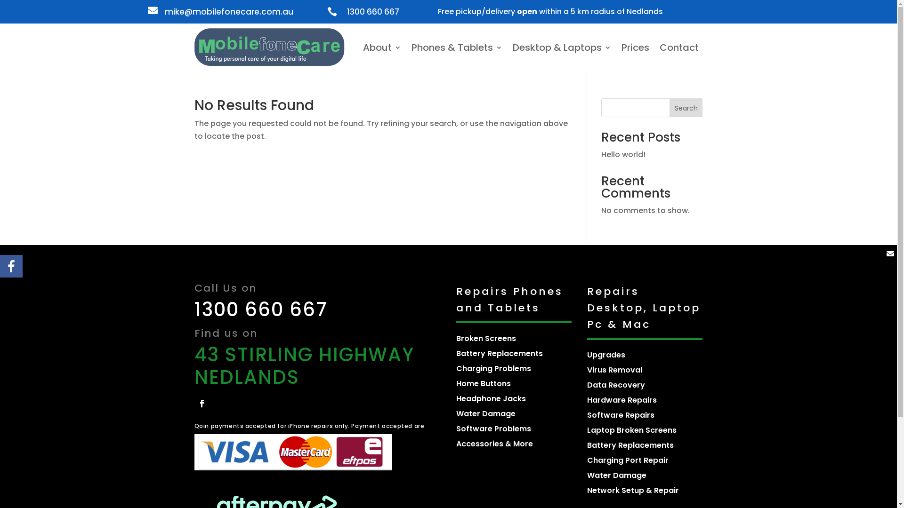 This screenshot has height=508, width=904. I want to click on 'About', so click(381, 47).